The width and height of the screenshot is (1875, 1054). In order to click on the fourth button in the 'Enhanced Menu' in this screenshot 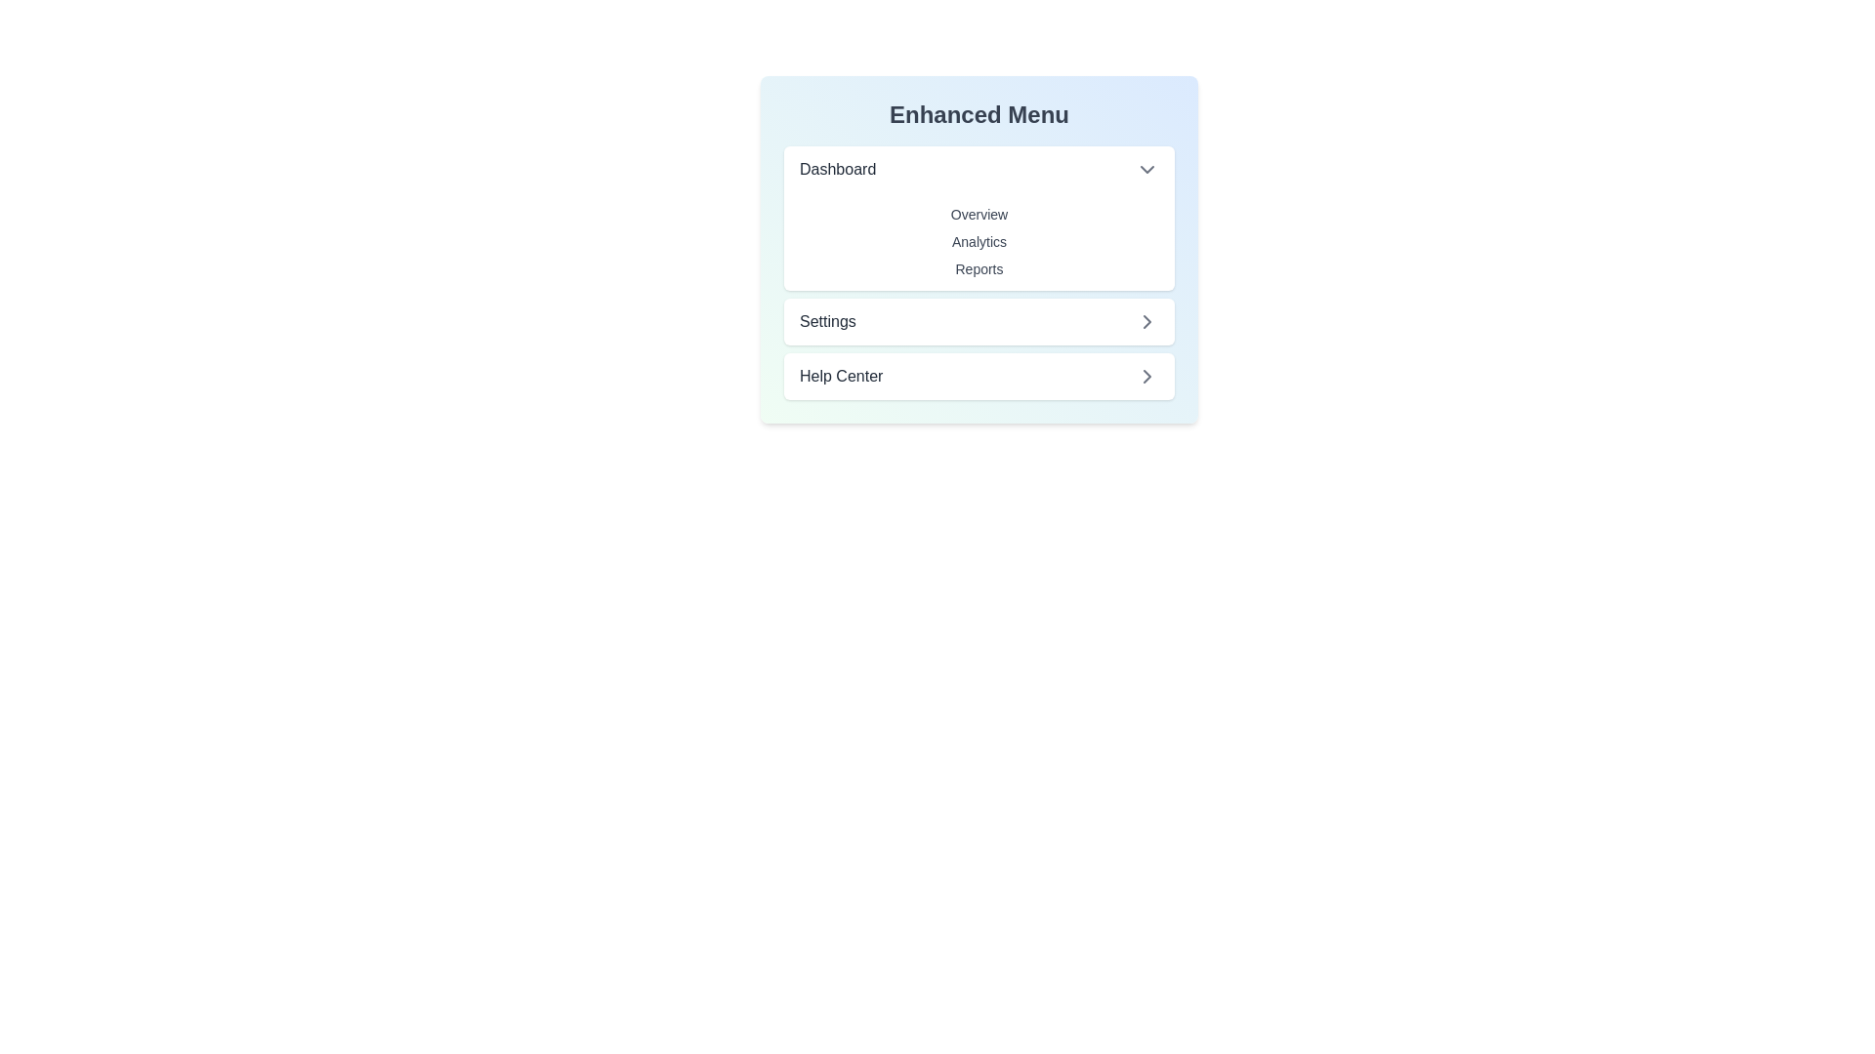, I will do `click(979, 321)`.